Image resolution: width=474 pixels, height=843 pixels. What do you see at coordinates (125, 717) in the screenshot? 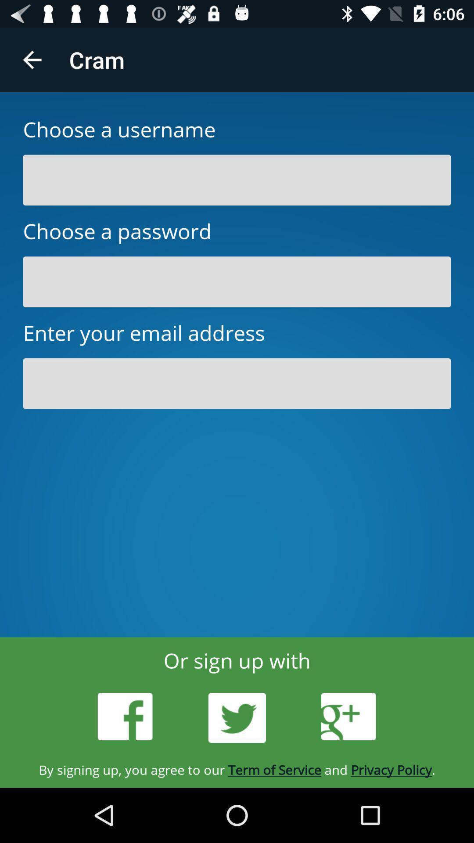
I see `sign up with facebook` at bounding box center [125, 717].